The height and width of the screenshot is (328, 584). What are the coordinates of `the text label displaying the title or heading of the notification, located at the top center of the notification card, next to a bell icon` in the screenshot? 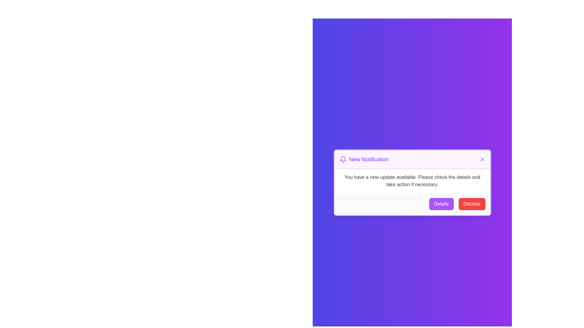 It's located at (368, 159).